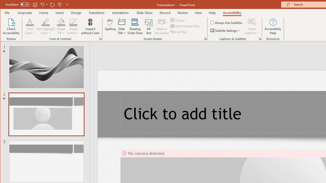  What do you see at coordinates (185, 26) in the screenshot?
I see `'Insert Header Row'` at bounding box center [185, 26].